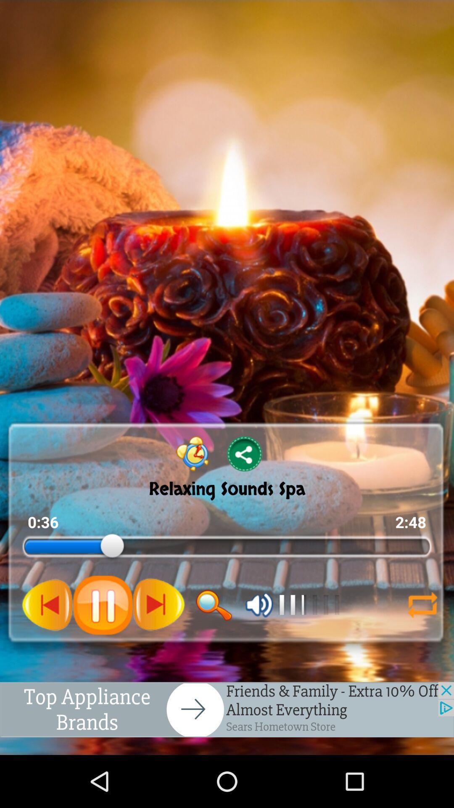 Image resolution: width=454 pixels, height=808 pixels. I want to click on rotate, so click(422, 604).